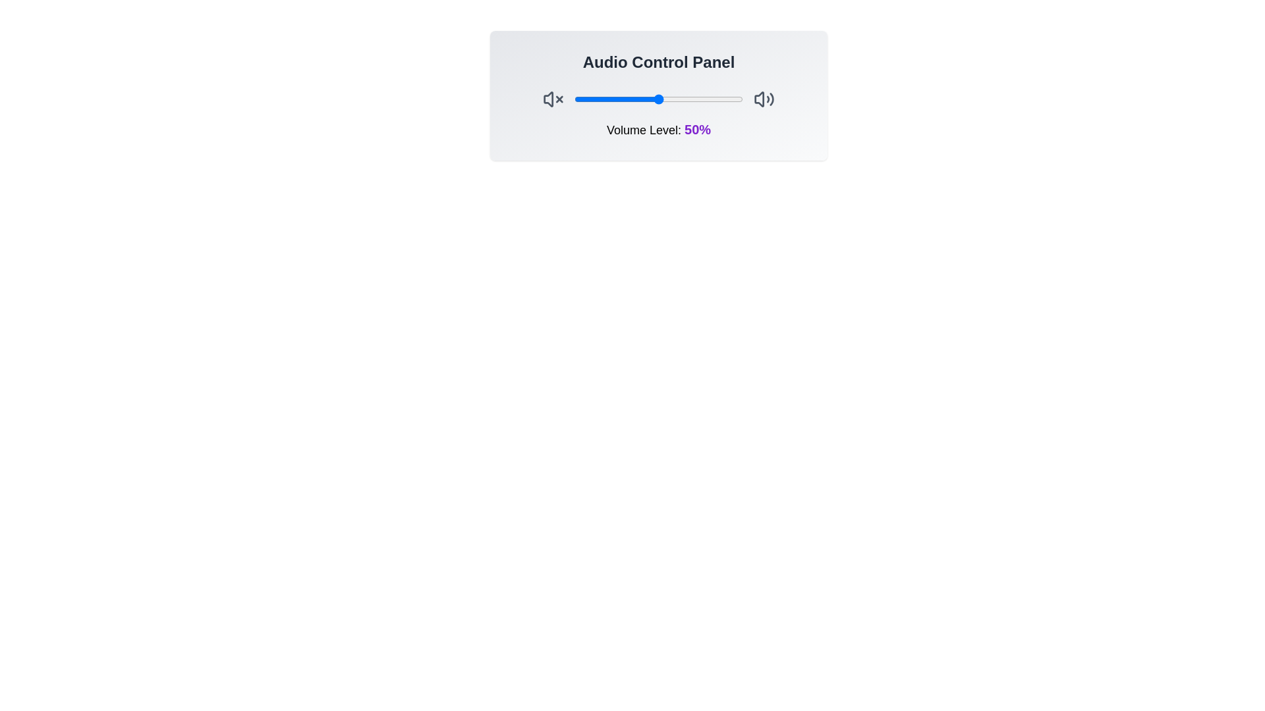  I want to click on text label indicating the current volume level of the audio interface, which is located below the audio slider and left of the '50%' percentage value, so click(645, 130).